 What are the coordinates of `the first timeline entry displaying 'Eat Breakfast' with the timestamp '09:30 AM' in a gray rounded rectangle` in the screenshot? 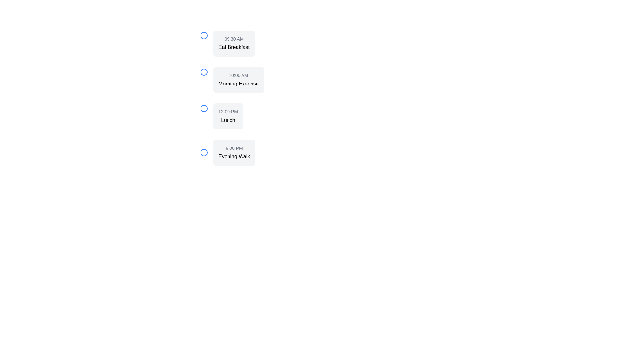 It's located at (268, 44).